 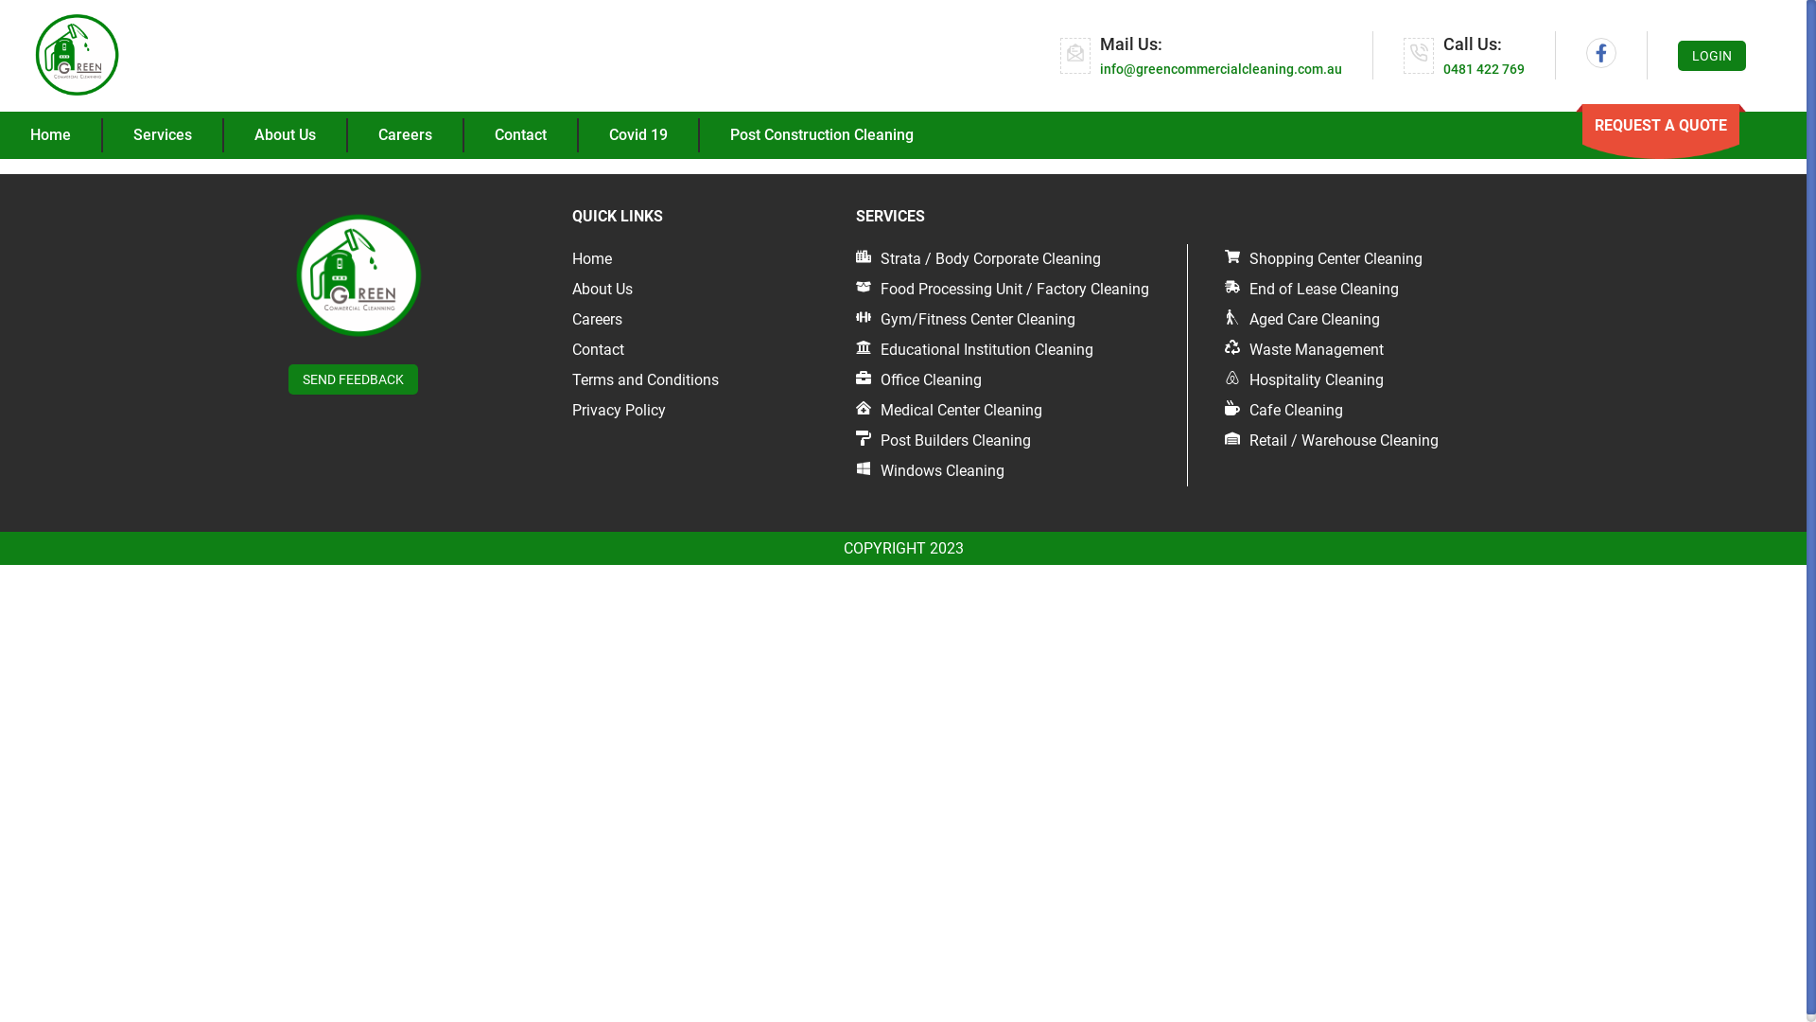 What do you see at coordinates (602, 289) in the screenshot?
I see `'About Us'` at bounding box center [602, 289].